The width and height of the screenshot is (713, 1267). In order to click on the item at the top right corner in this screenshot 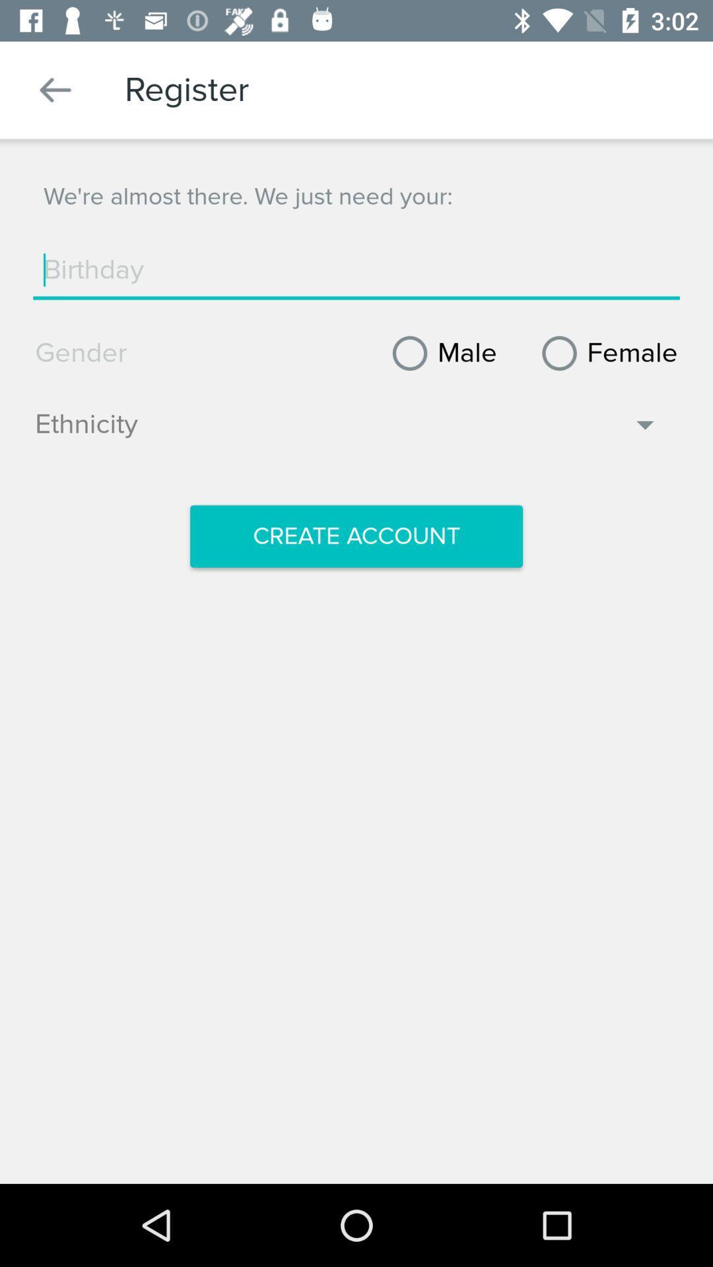, I will do `click(605, 353)`.